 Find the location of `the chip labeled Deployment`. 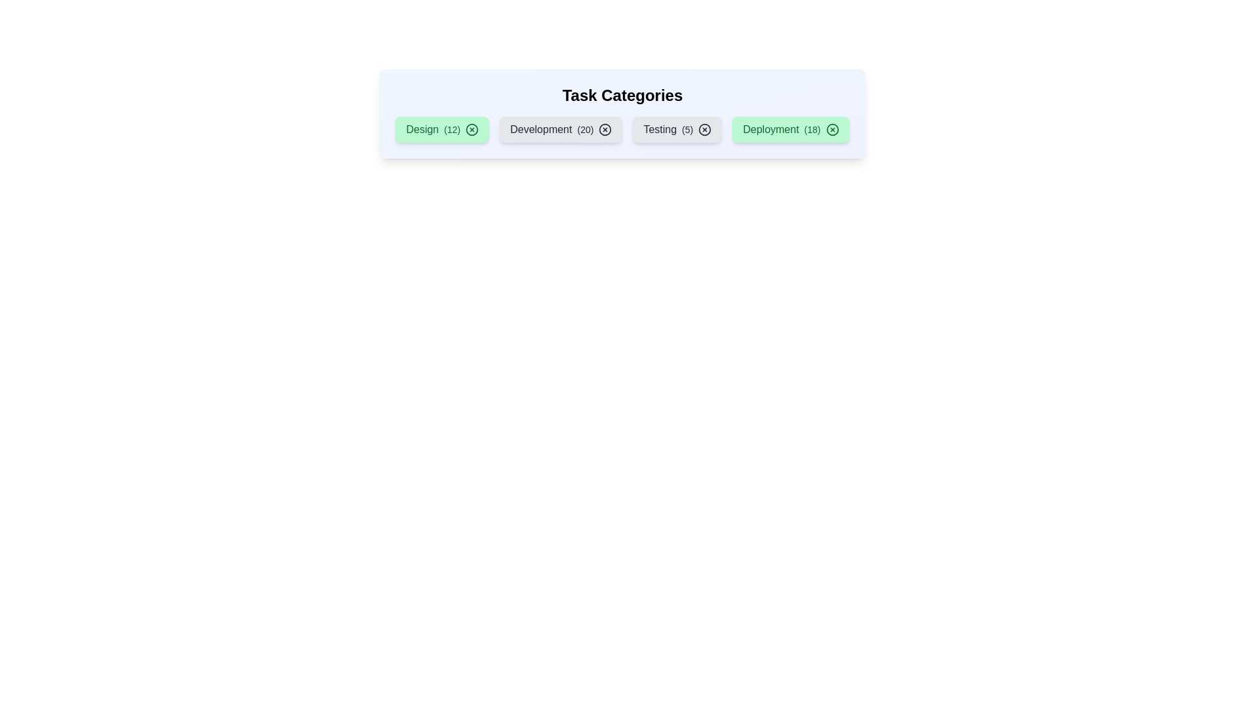

the chip labeled Deployment is located at coordinates (790, 129).